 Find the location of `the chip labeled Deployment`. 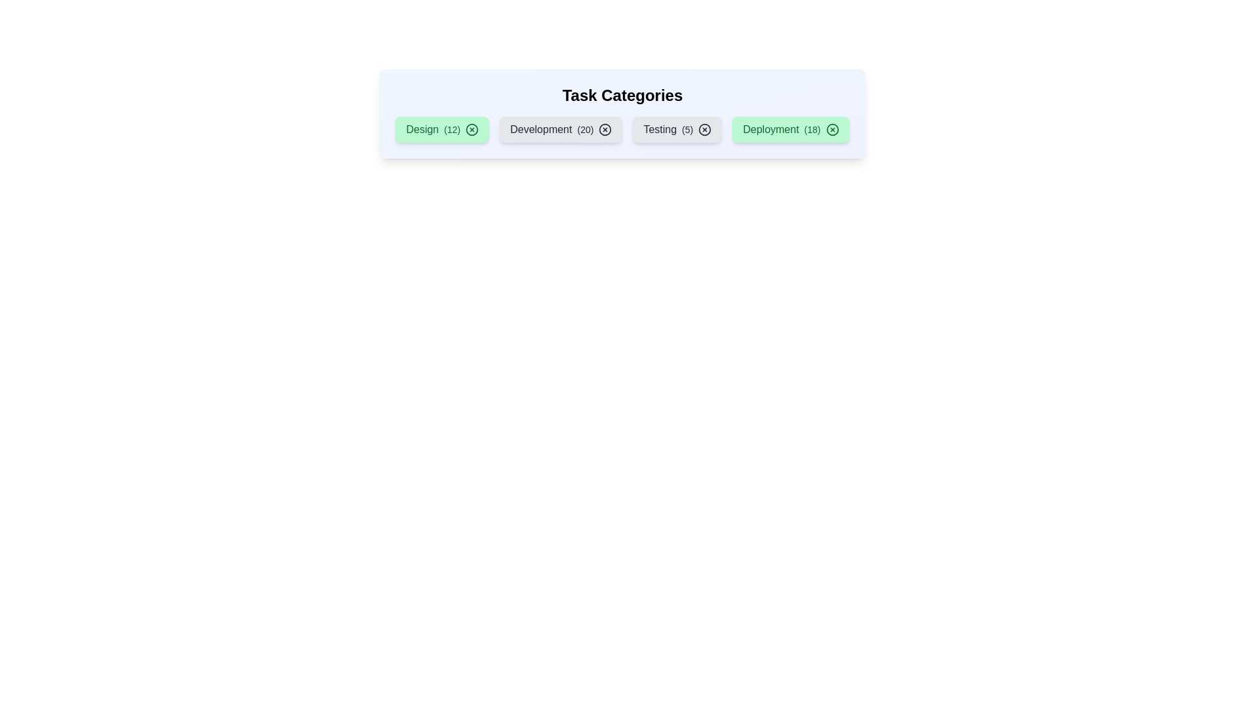

the chip labeled Deployment is located at coordinates (790, 129).